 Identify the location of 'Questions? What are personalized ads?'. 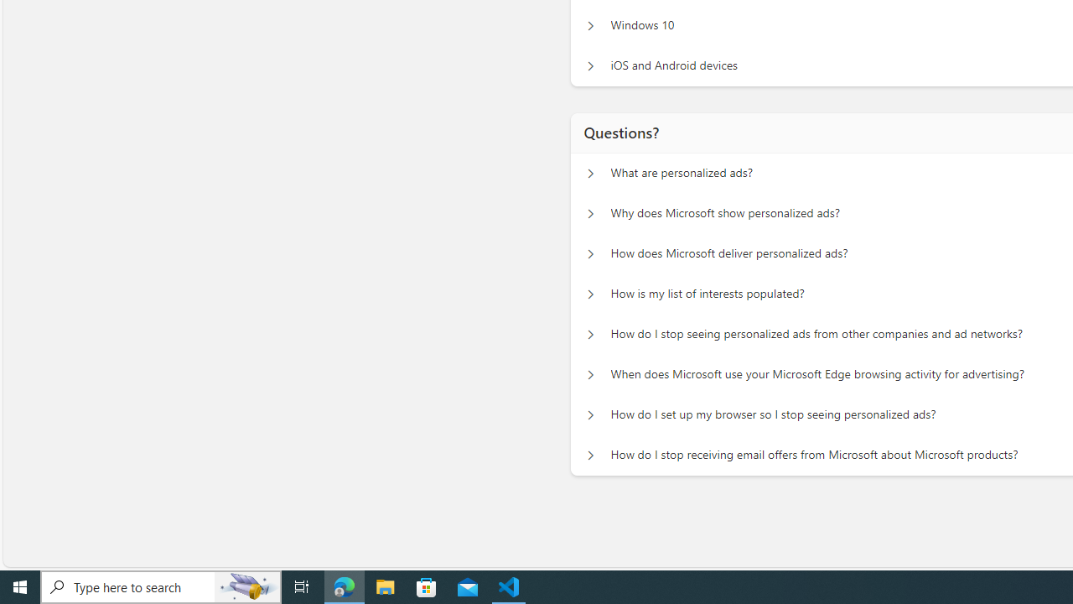
(590, 173).